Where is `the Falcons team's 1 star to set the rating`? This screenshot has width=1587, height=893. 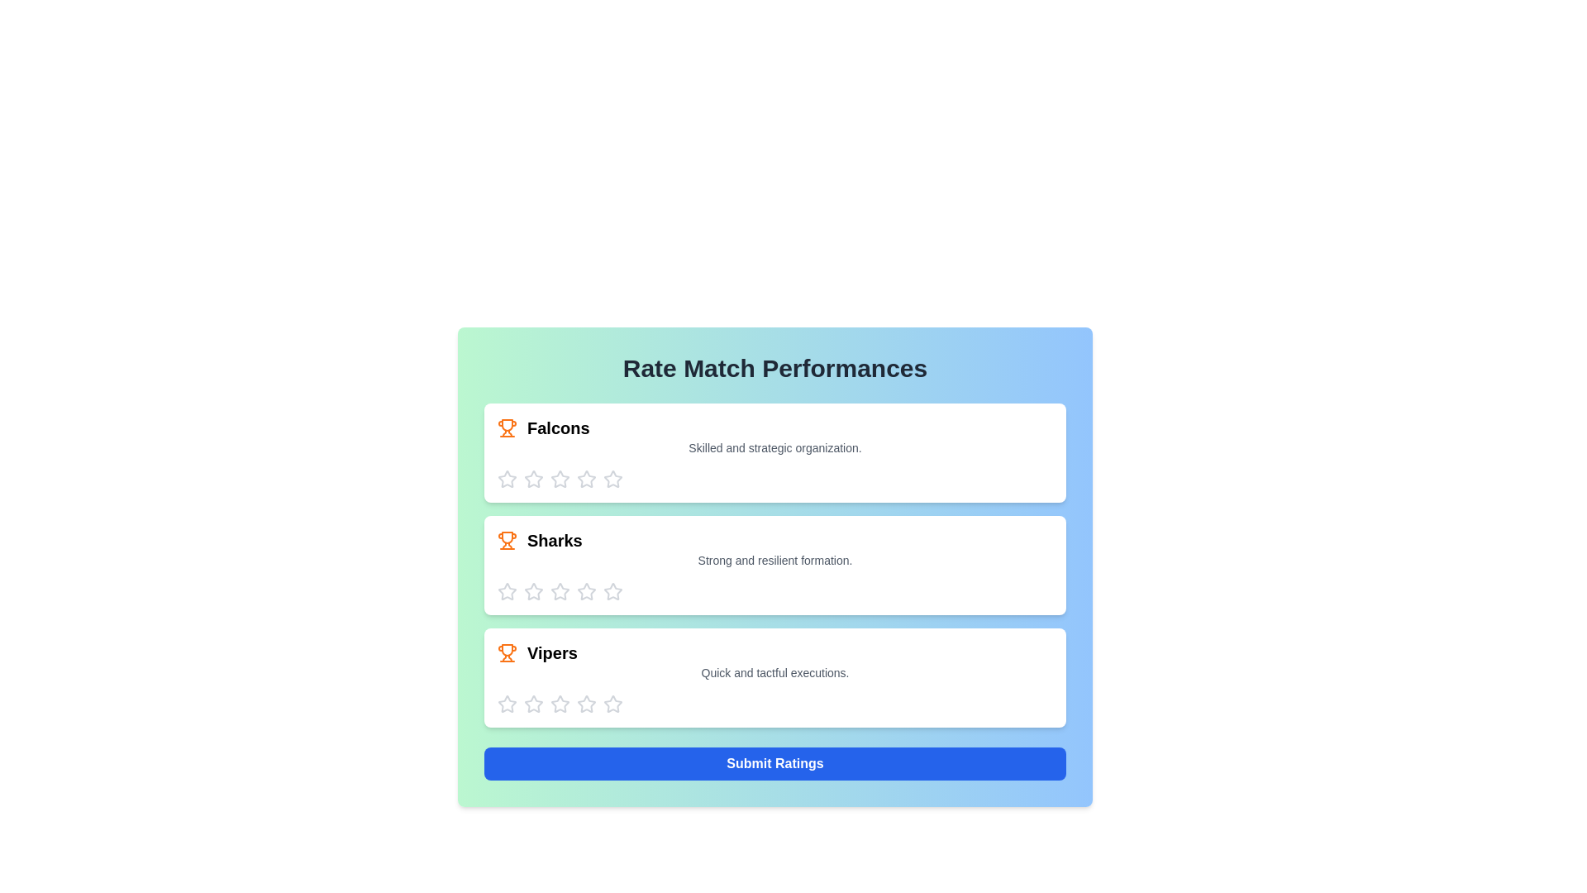 the Falcons team's 1 star to set the rating is located at coordinates (507, 479).